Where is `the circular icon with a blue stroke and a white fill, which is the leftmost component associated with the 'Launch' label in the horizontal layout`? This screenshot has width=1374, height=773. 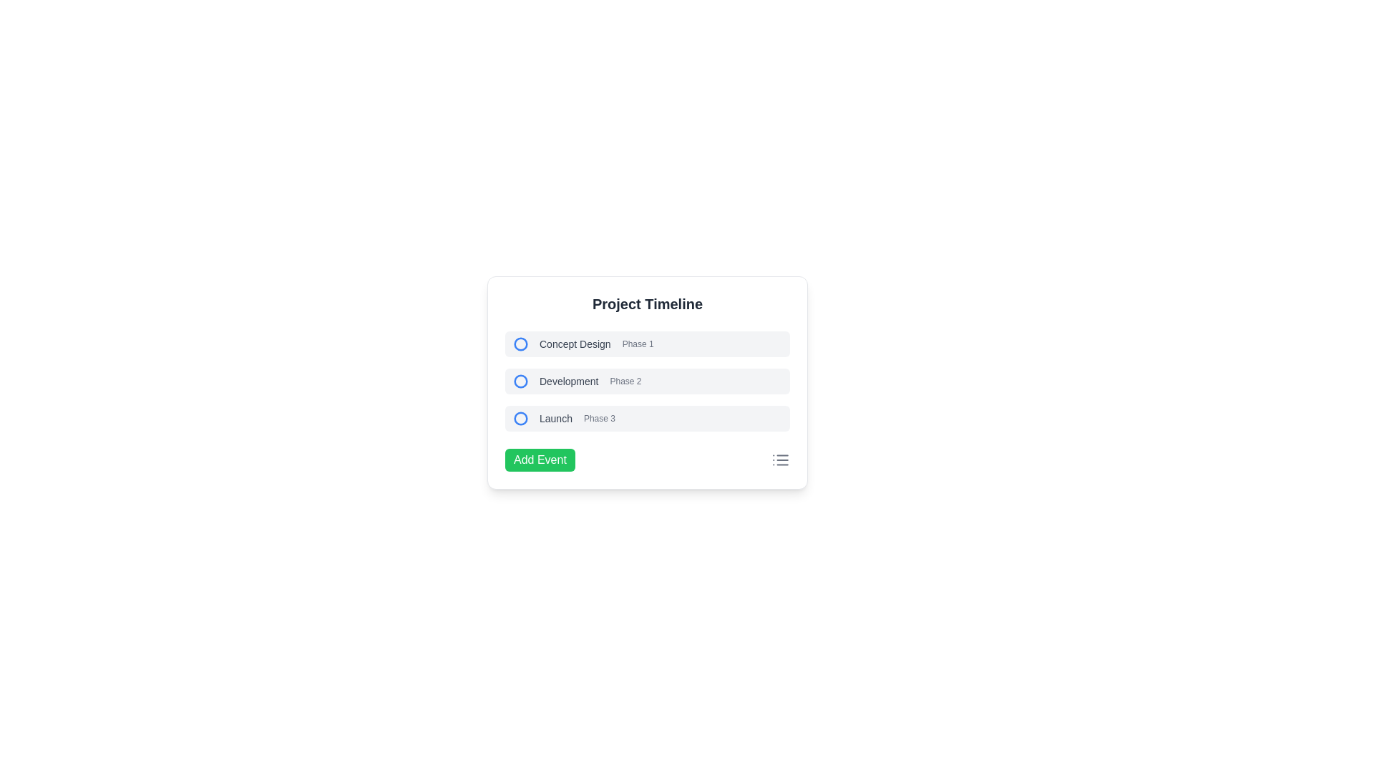
the circular icon with a blue stroke and a white fill, which is the leftmost component associated with the 'Launch' label in the horizontal layout is located at coordinates (520, 419).